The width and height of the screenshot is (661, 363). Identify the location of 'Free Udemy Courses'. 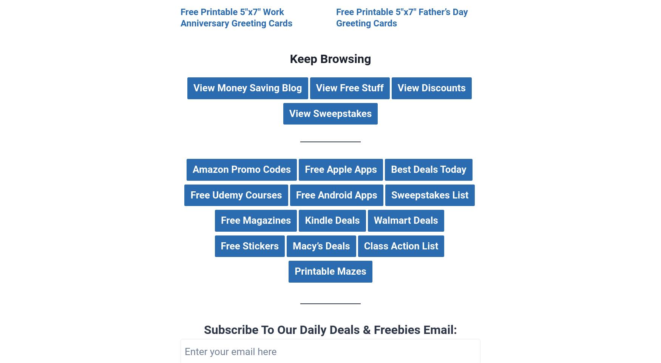
(236, 194).